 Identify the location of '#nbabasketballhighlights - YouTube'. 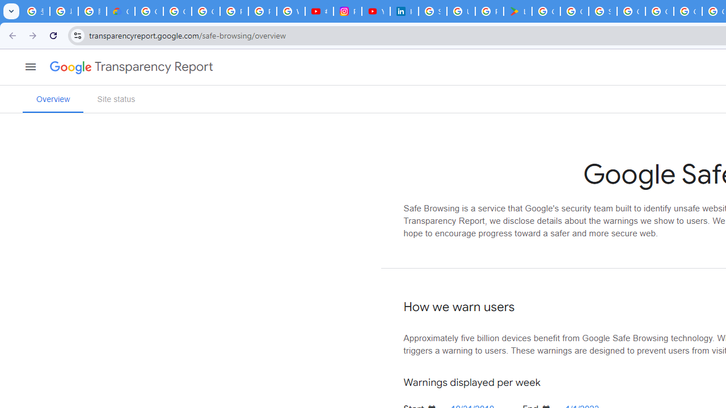
(318, 11).